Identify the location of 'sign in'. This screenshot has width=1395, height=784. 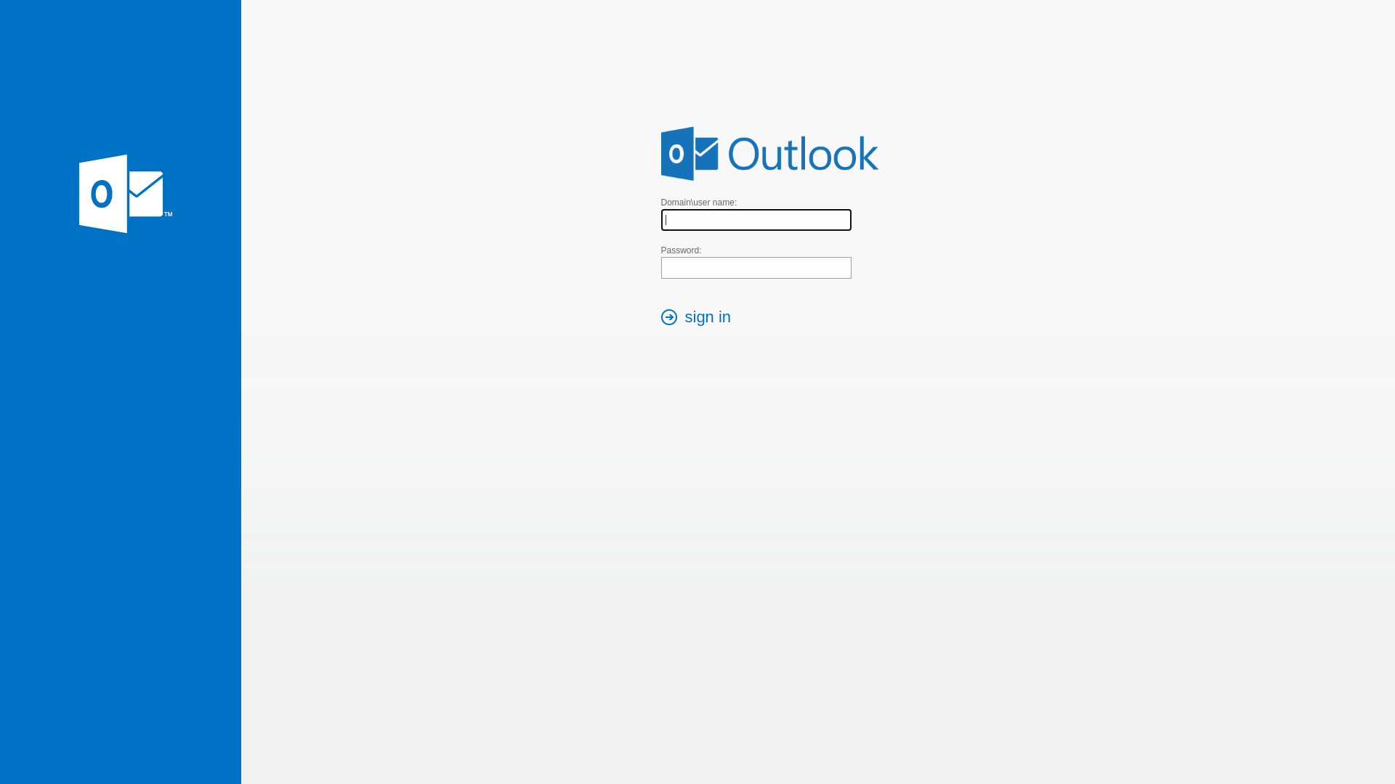
(700, 318).